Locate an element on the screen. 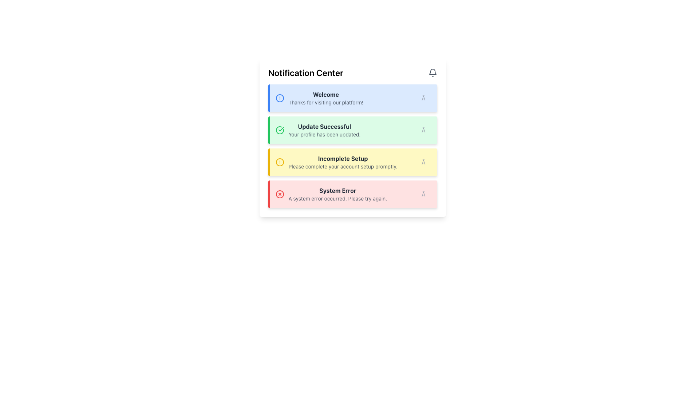 This screenshot has width=699, height=393. the circular green-colored icon with a checkmark inside, located within the 'Update Successful' notification box, to the left of the notification text is located at coordinates (279, 130).